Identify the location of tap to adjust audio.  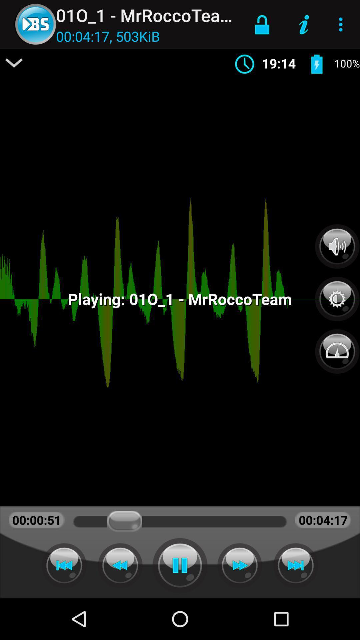
(337, 246).